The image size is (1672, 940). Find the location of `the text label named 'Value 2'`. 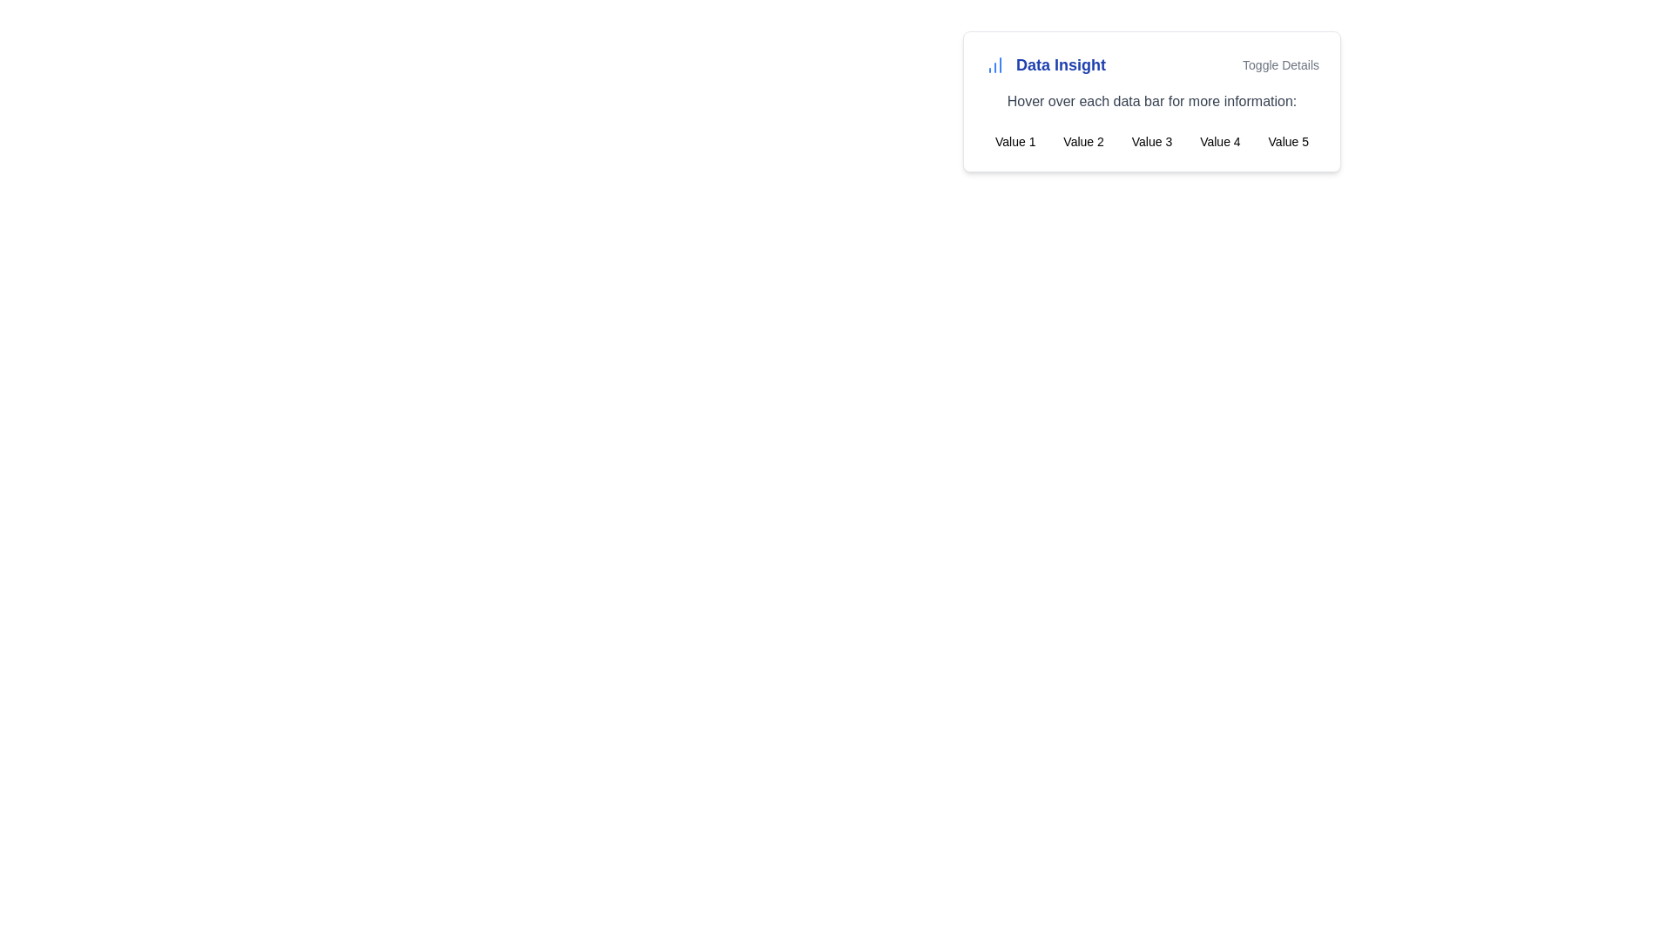

the text label named 'Value 2' is located at coordinates (1082, 140).